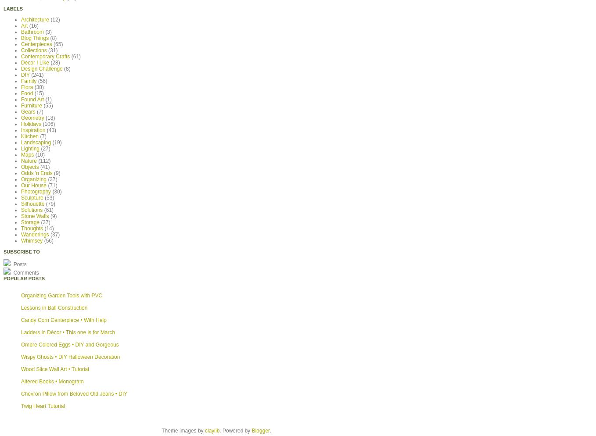 This screenshot has width=596, height=436. What do you see at coordinates (25, 272) in the screenshot?
I see `'Comments'` at bounding box center [25, 272].